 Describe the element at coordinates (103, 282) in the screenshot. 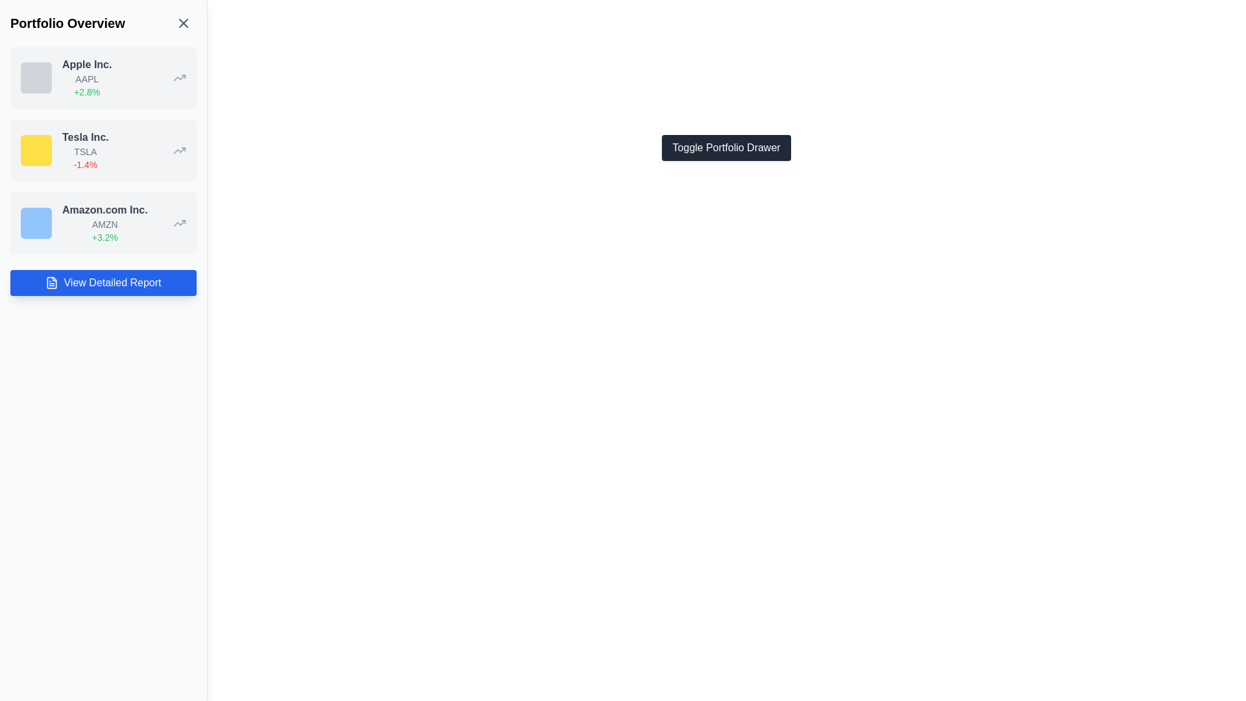

I see `the interactive button at the bottom of the portfolio drawer section` at that location.